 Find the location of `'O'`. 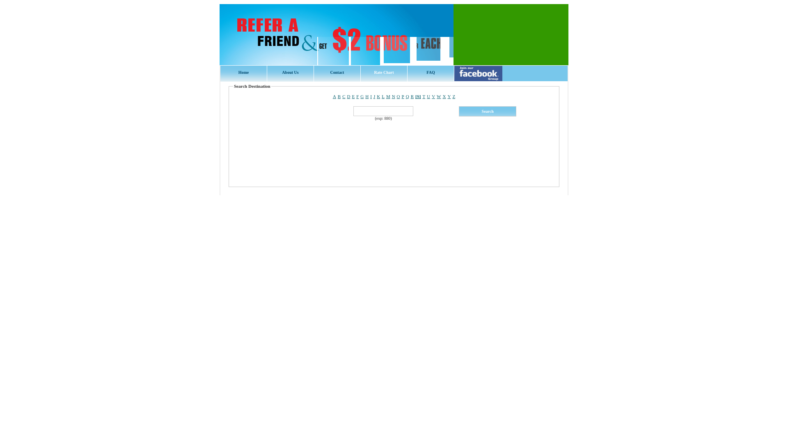

'O' is located at coordinates (398, 96).